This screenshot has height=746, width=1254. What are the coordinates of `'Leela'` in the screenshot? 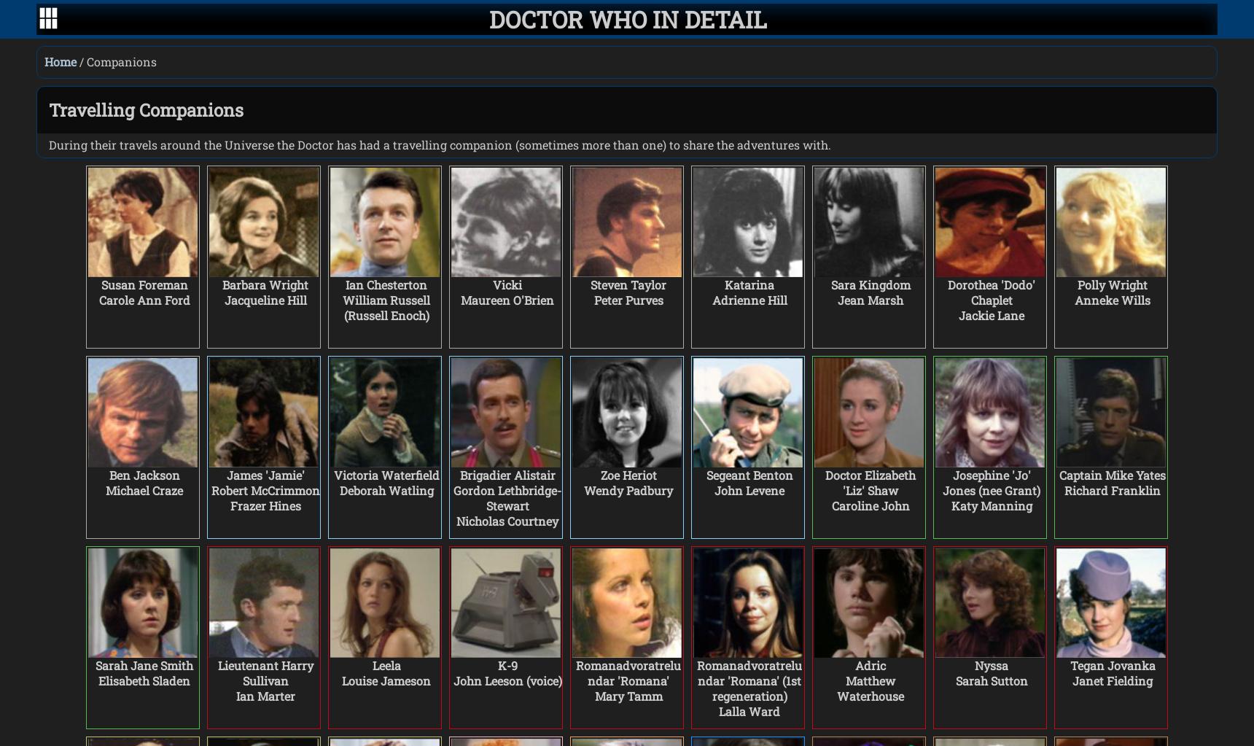 It's located at (386, 664).